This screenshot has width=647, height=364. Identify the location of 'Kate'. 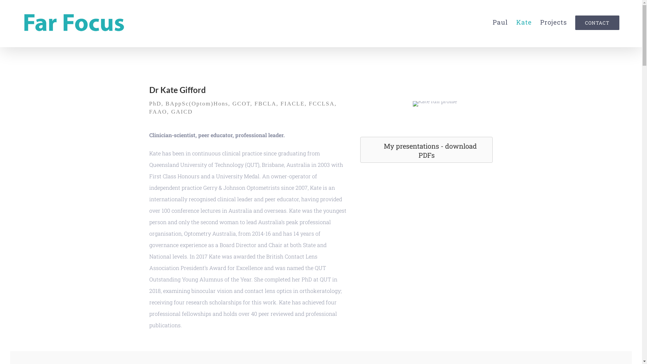
(524, 22).